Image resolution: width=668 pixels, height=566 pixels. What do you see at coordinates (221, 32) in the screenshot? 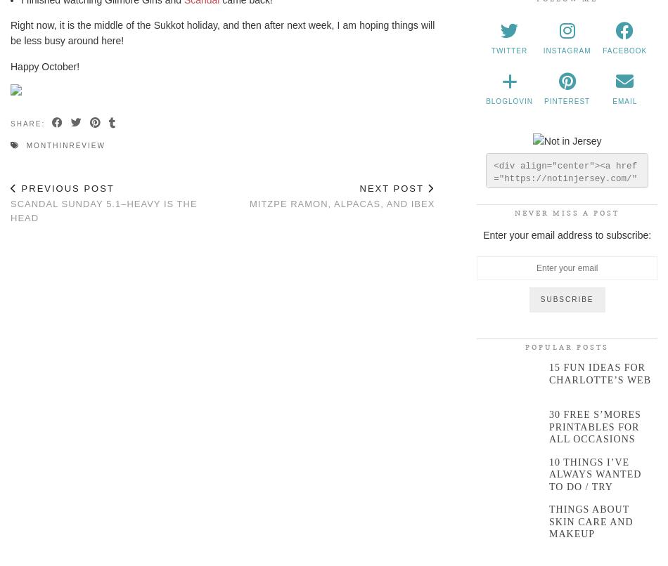
I see `'Right now, it is the middle of the Sukkot holiday, and then after next week, I am hoping things will be less busy around here!'` at bounding box center [221, 32].